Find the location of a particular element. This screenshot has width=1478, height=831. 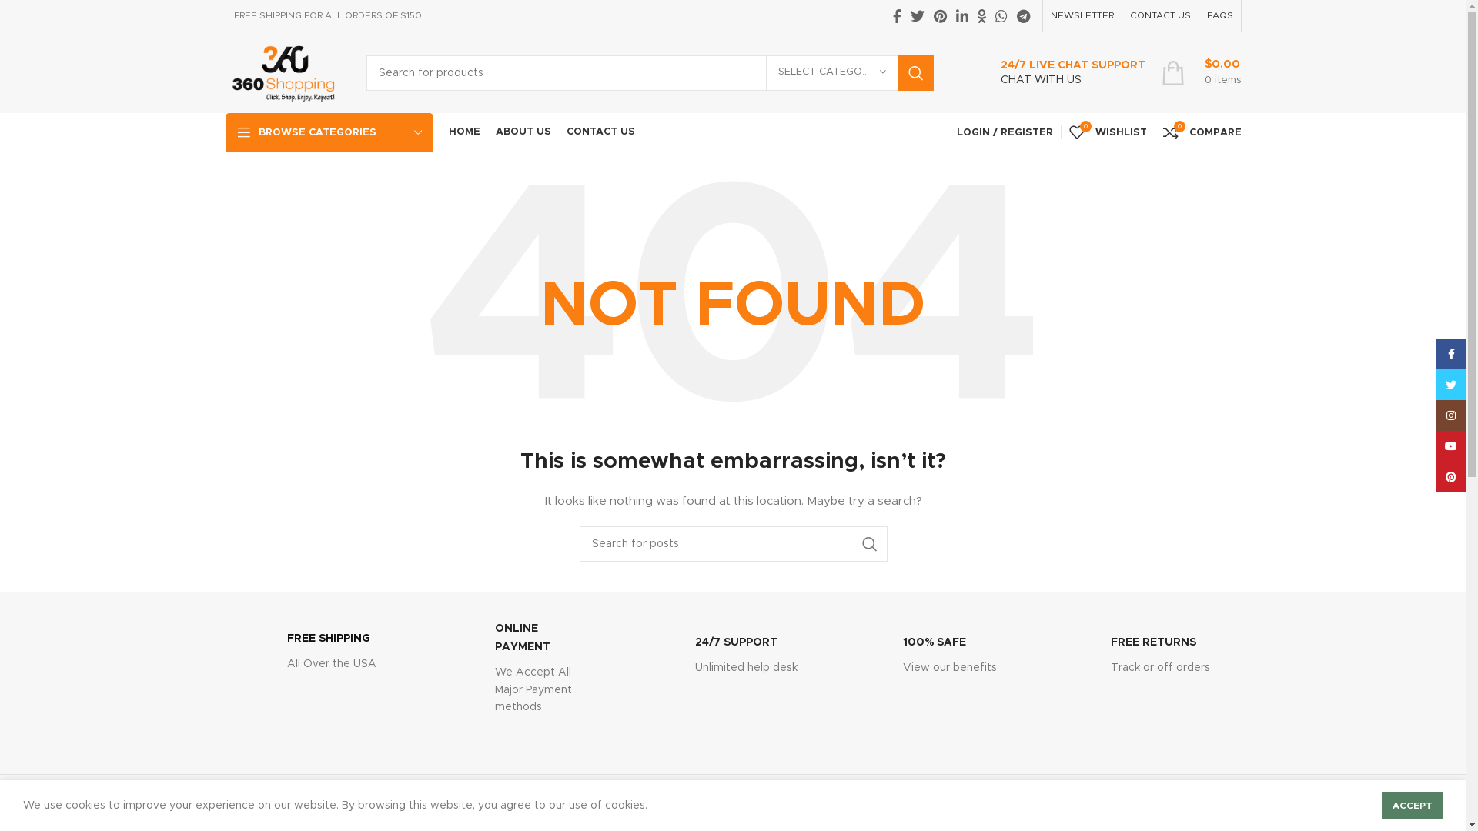

'0 is located at coordinates (1106, 132).